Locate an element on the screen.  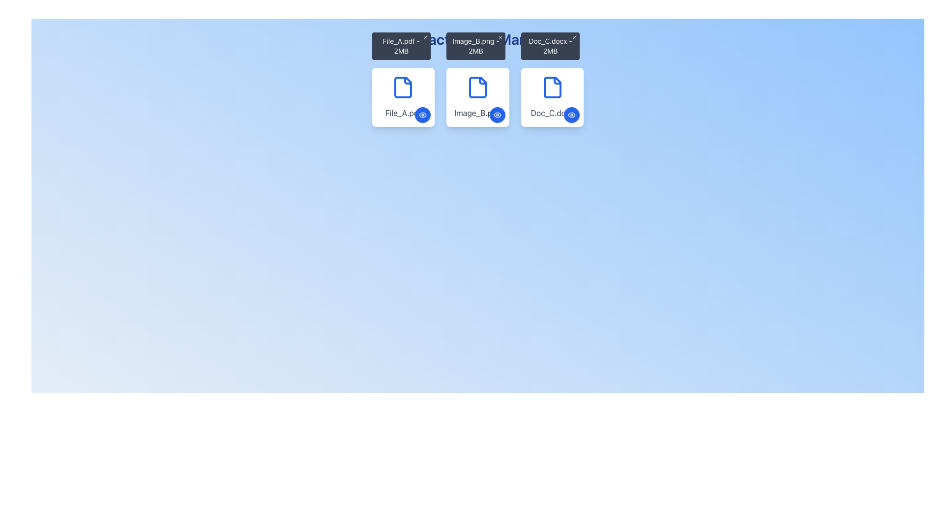
the Static Text Label displaying 'Doc_C.docx - 2MB' is located at coordinates (550, 46).